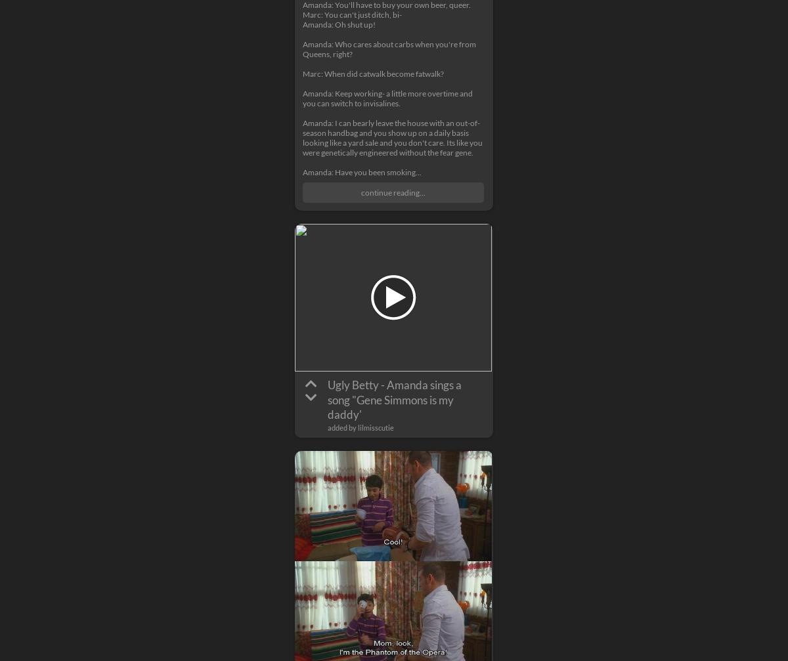 The image size is (788, 661). Describe the element at coordinates (338, 24) in the screenshot. I see `'Amanda: Oh shut up!'` at that location.